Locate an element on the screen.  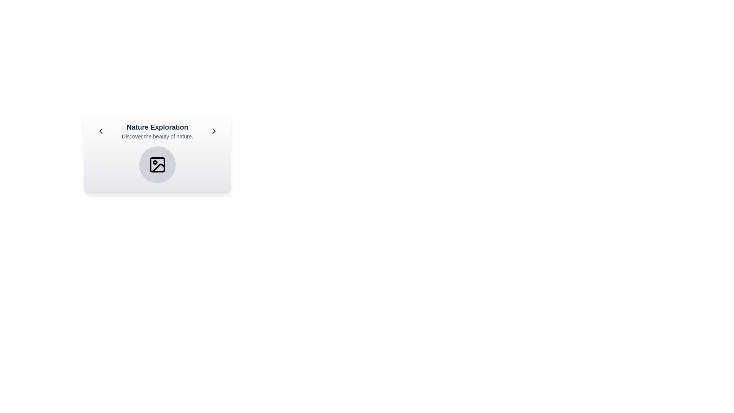
the circular button with a gray background and an image icon in the center, located at the middle-bottom of the 'Nature Exploration' card is located at coordinates (157, 164).